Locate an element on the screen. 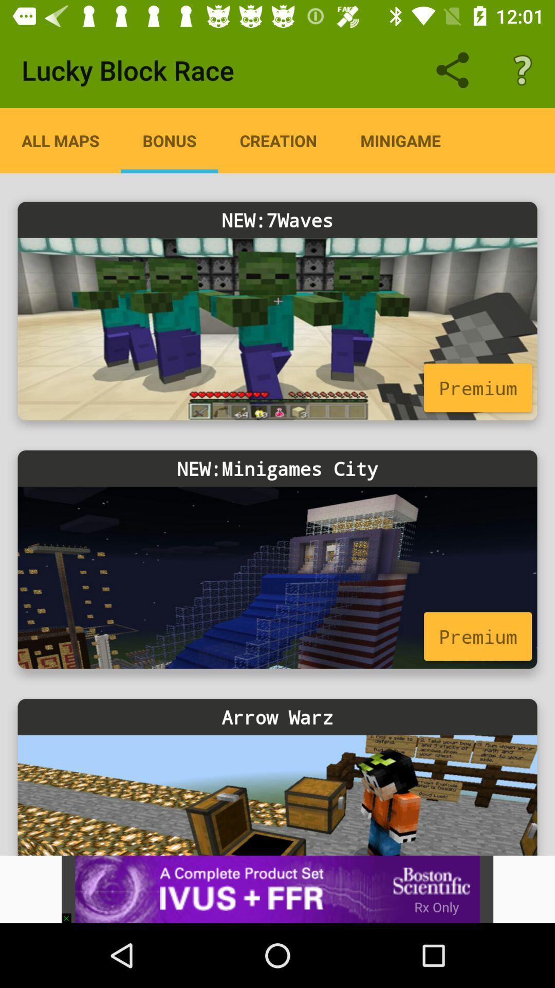  the item next to the all maps icon is located at coordinates (169, 140).